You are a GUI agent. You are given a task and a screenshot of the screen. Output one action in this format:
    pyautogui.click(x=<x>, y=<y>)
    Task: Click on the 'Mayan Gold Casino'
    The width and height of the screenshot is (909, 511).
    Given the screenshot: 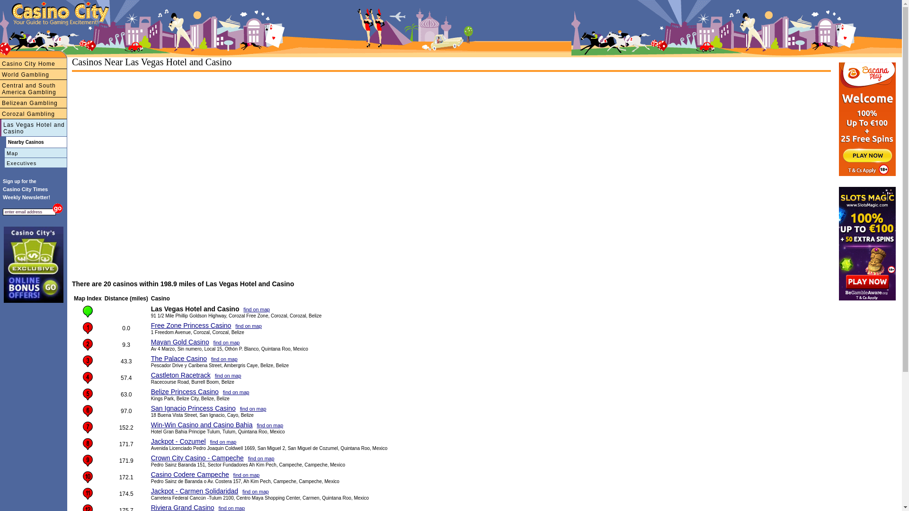 What is the action you would take?
    pyautogui.click(x=180, y=342)
    